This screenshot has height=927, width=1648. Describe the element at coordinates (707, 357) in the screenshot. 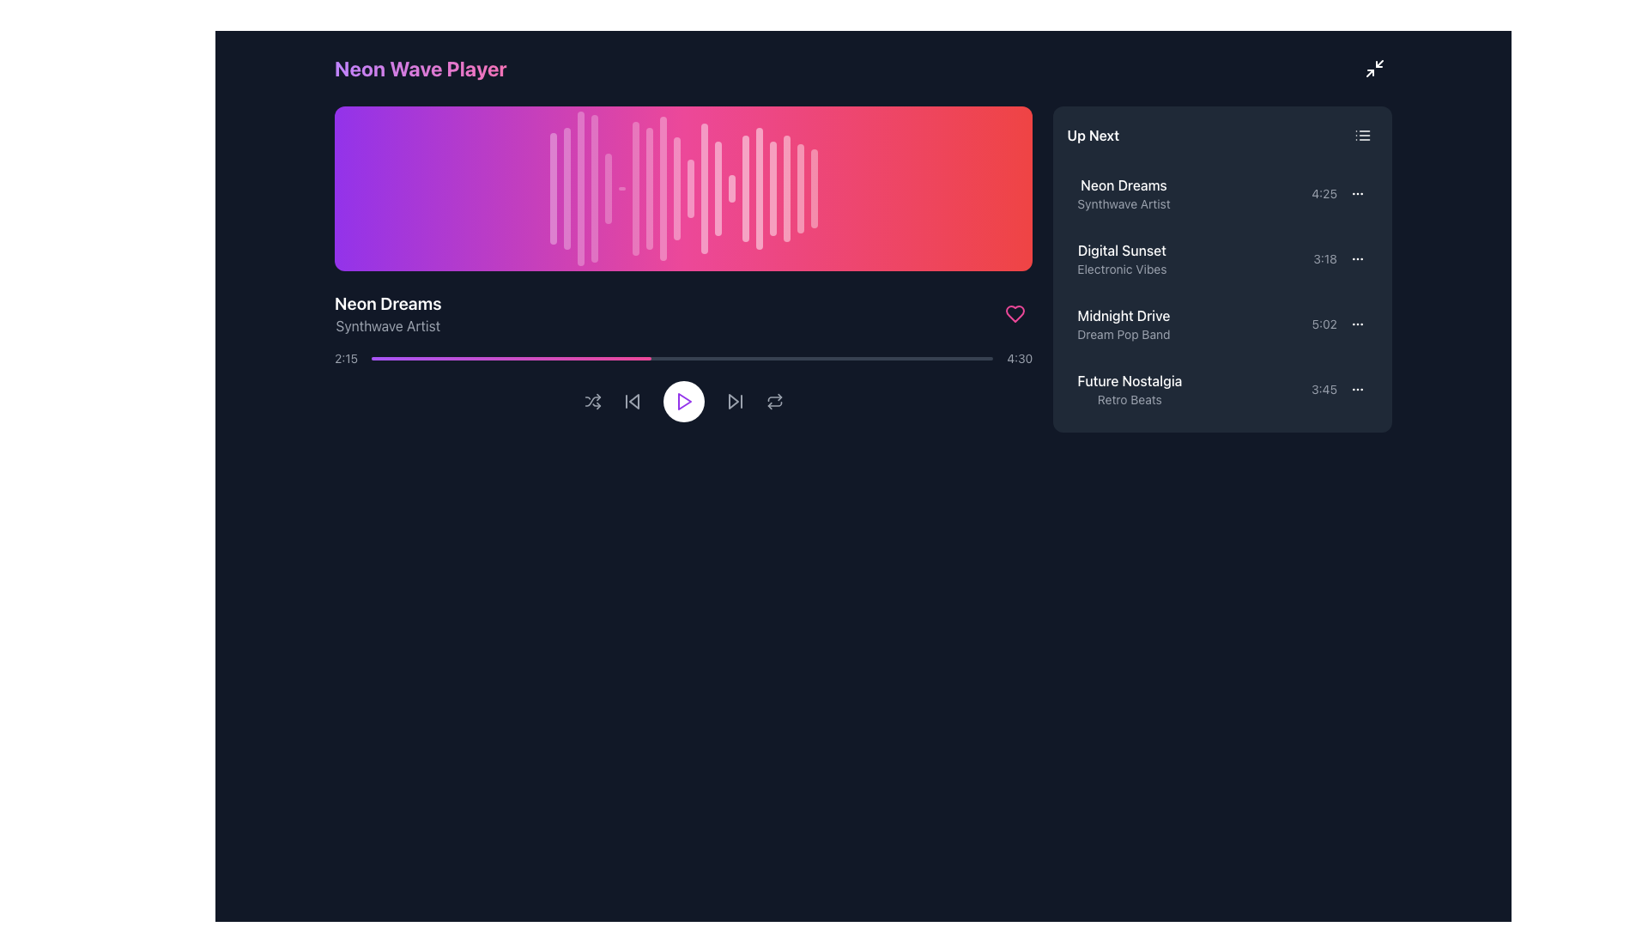

I see `playback position` at that location.